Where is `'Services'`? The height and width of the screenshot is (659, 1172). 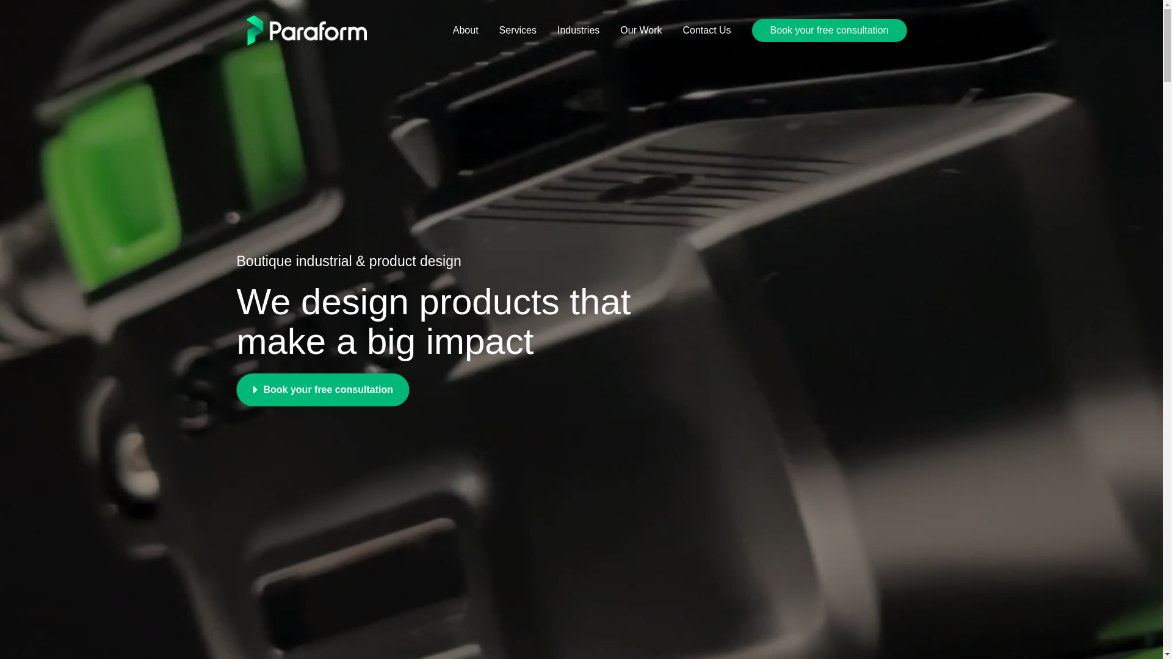
'Services' is located at coordinates (489, 30).